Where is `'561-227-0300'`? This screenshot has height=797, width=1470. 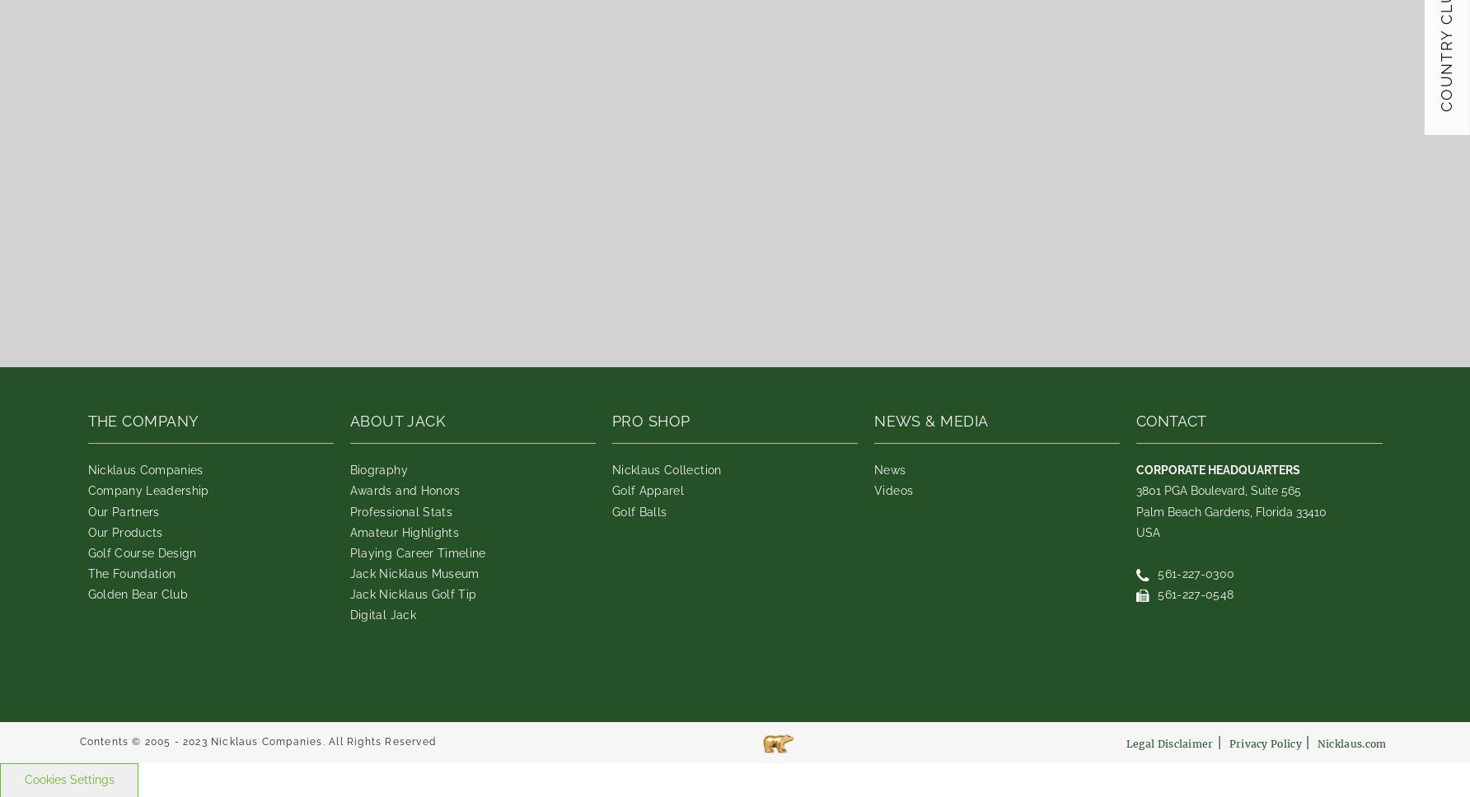
'561-227-0300' is located at coordinates (1195, 571).